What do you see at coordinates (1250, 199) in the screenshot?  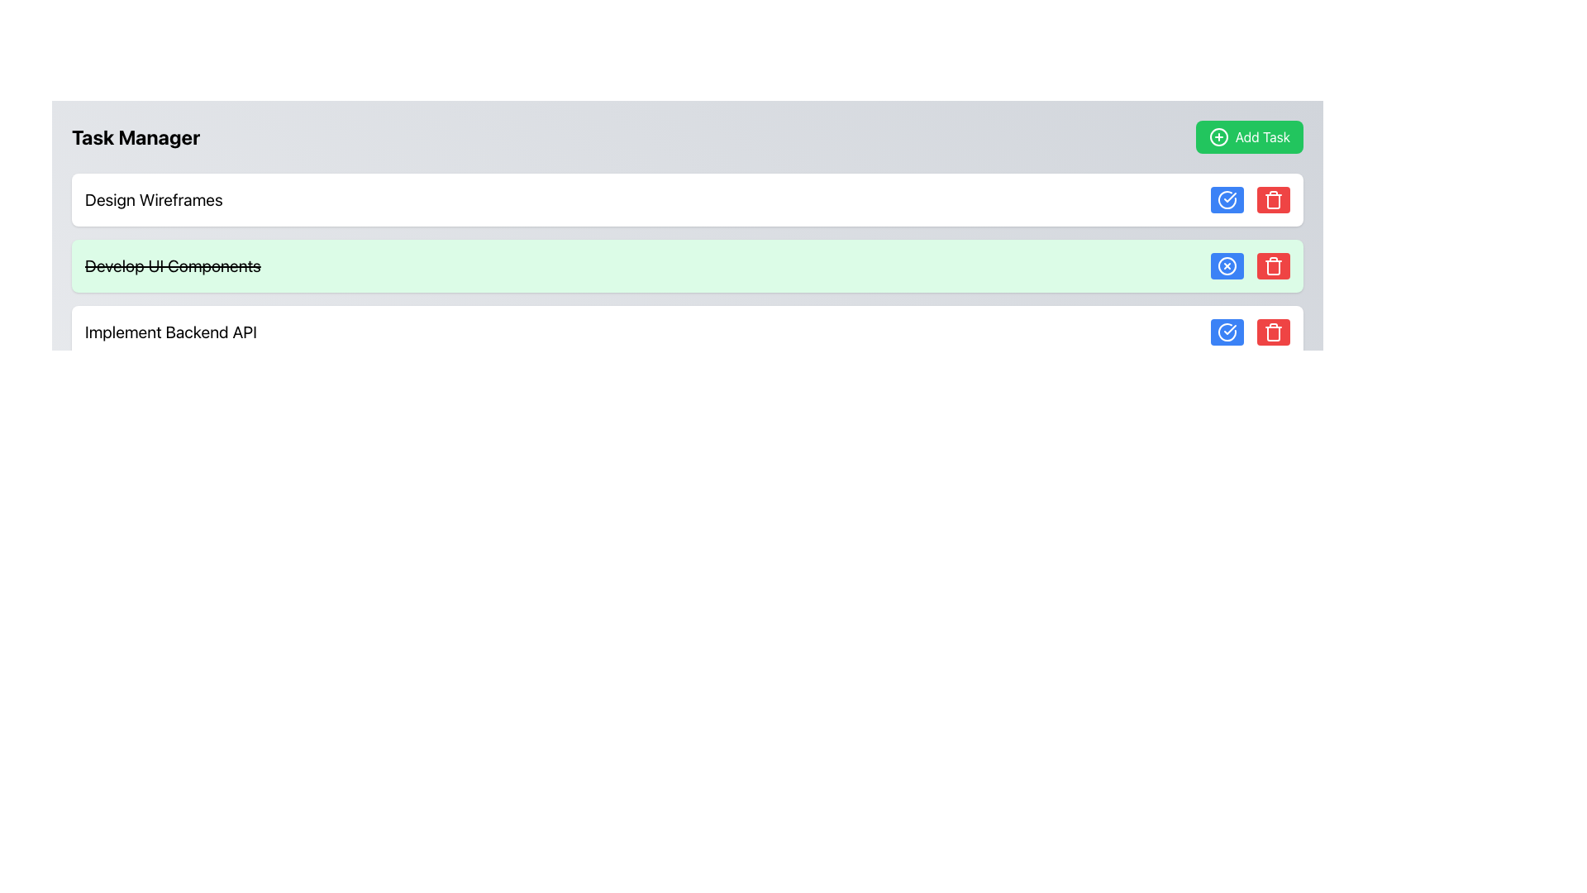 I see `the blue checkmark button located on the far-right side of the task titled 'Design Wireframes' to mark the task as completed` at bounding box center [1250, 199].